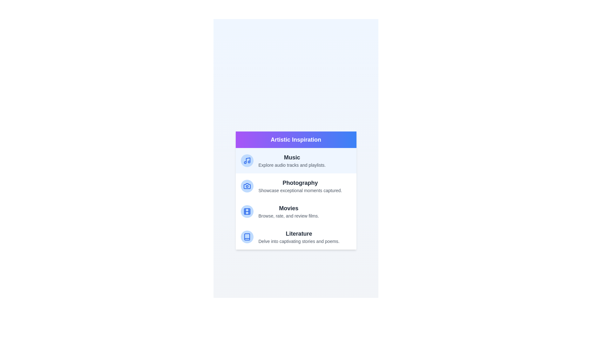 This screenshot has width=610, height=343. I want to click on the category Movies to read its description, so click(295, 212).